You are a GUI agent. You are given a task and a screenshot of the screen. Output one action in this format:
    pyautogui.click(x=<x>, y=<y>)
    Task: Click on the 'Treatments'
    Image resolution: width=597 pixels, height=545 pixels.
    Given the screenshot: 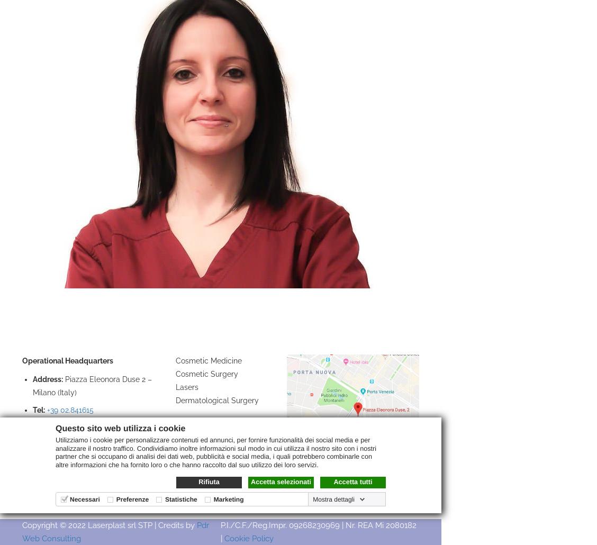 What is the action you would take?
    pyautogui.click(x=175, y=336)
    